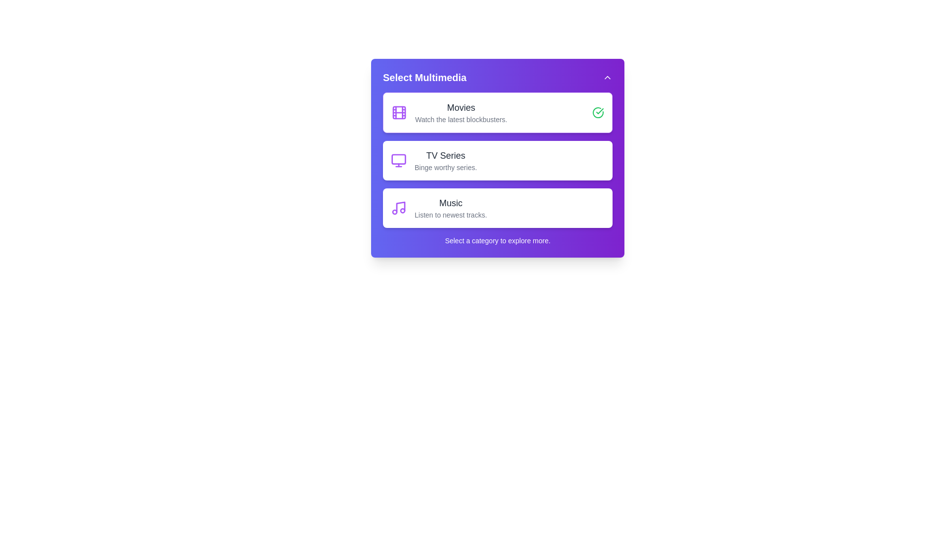 The width and height of the screenshot is (950, 534). I want to click on the multimedia category Music by clicking on its respective card, so click(498, 207).